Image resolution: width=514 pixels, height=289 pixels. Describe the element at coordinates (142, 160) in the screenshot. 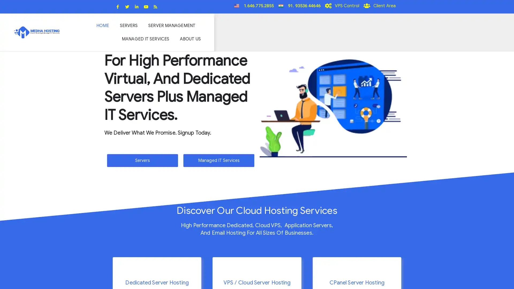

I see `Servers` at that location.